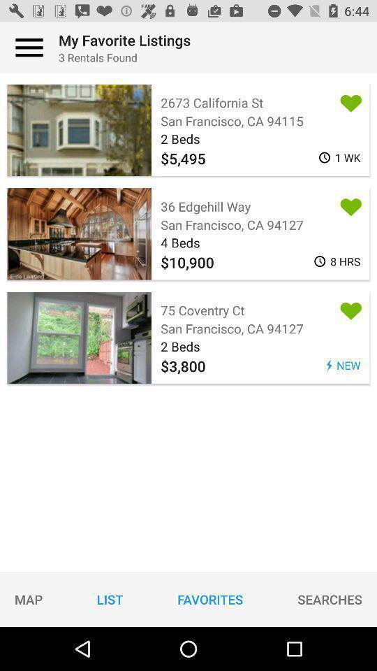 The width and height of the screenshot is (377, 671). Describe the element at coordinates (330, 598) in the screenshot. I see `item below $3,800 item` at that location.